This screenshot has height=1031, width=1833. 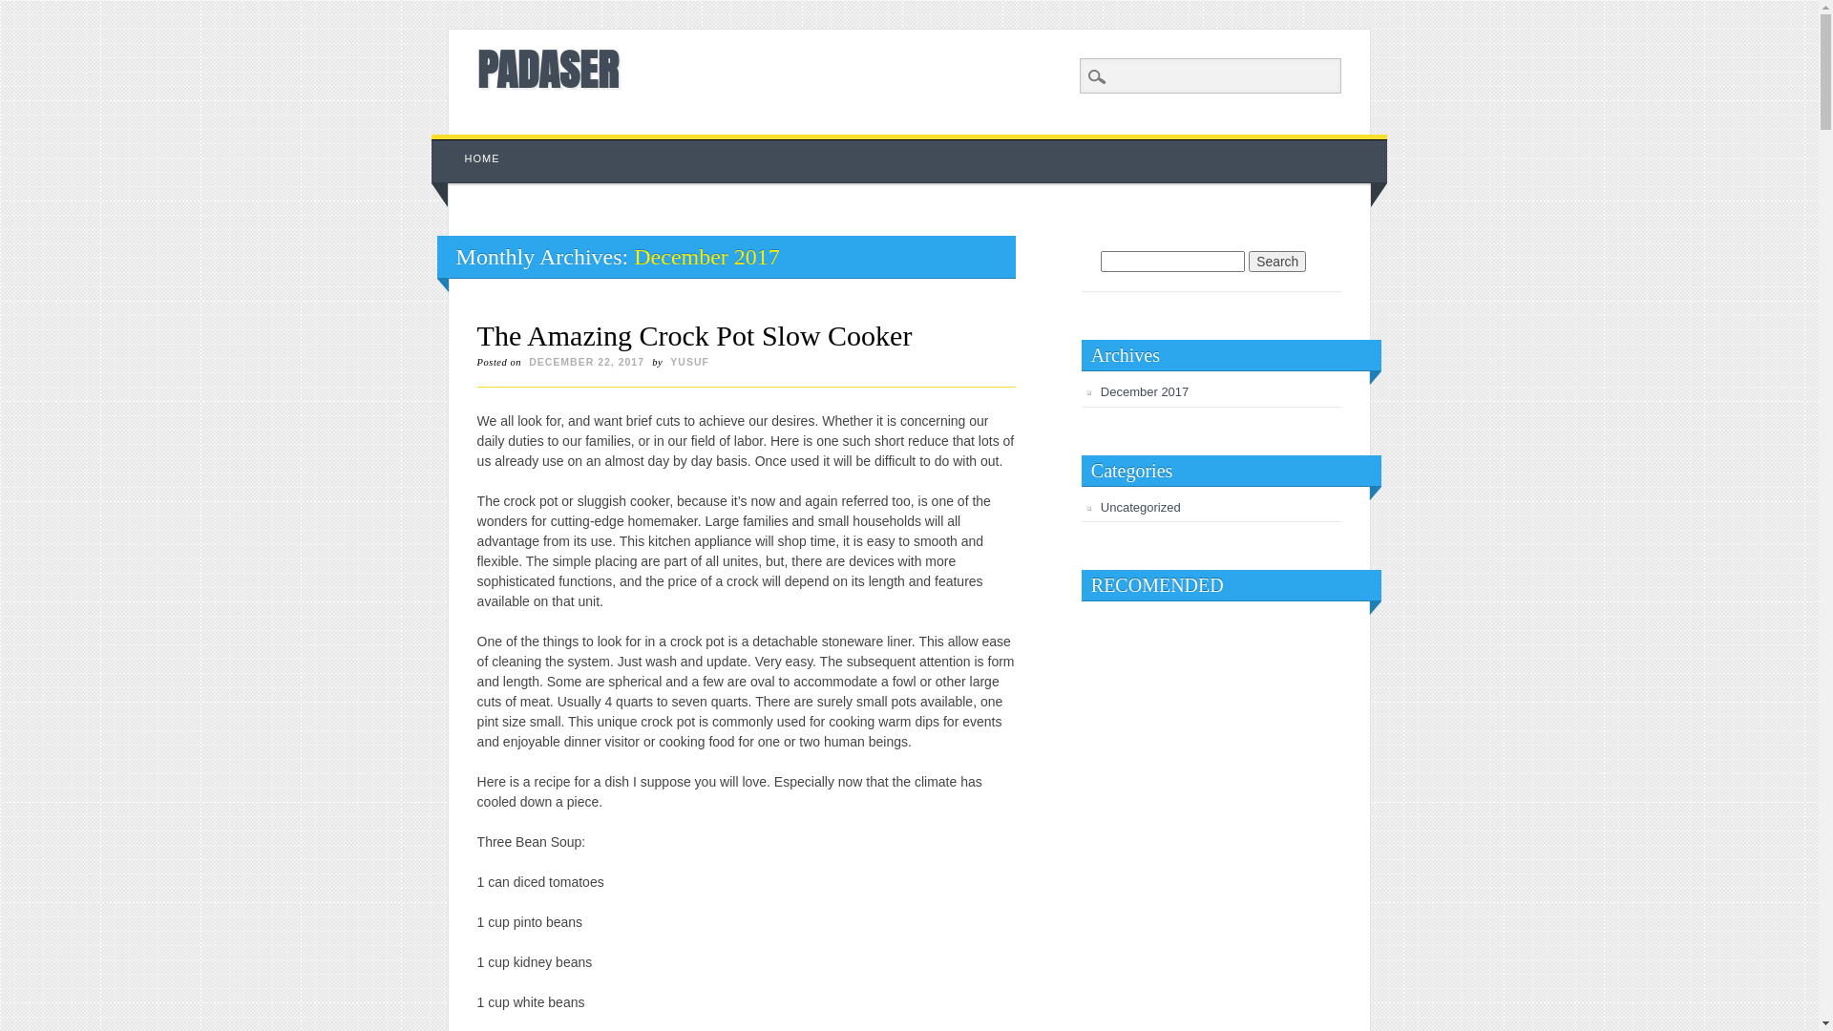 What do you see at coordinates (688, 361) in the screenshot?
I see `'YUSUF'` at bounding box center [688, 361].